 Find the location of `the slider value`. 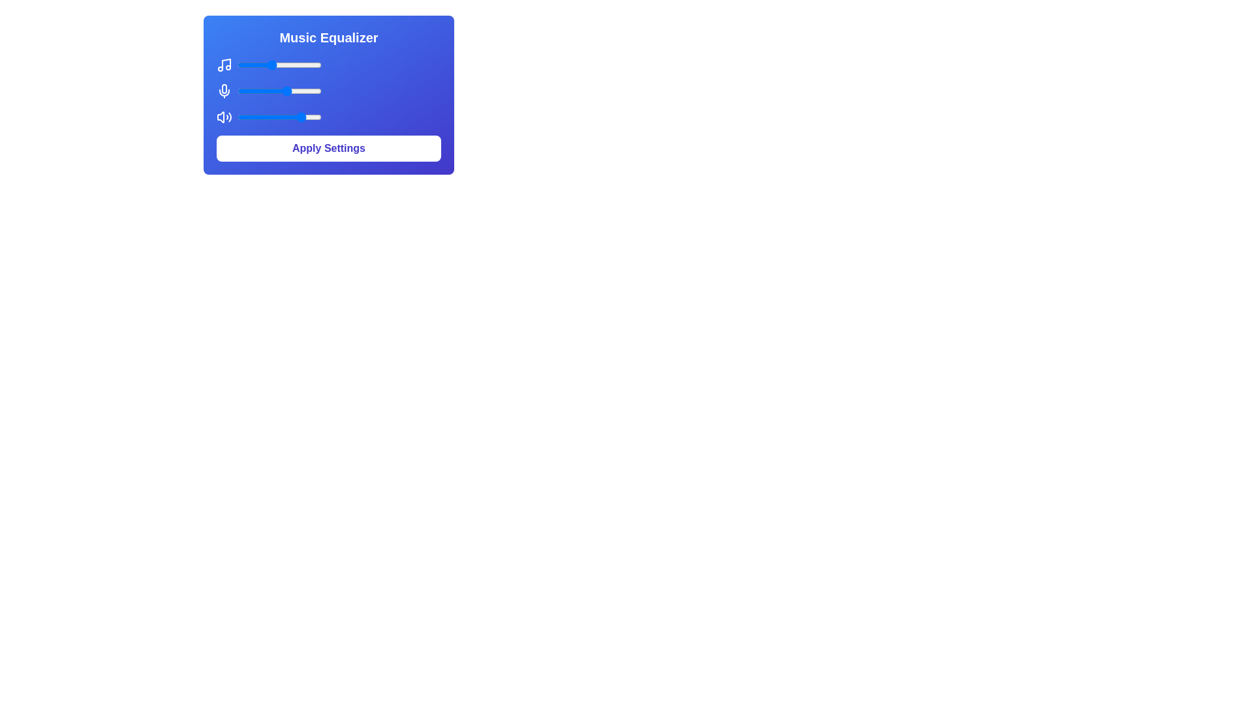

the slider value is located at coordinates (309, 90).